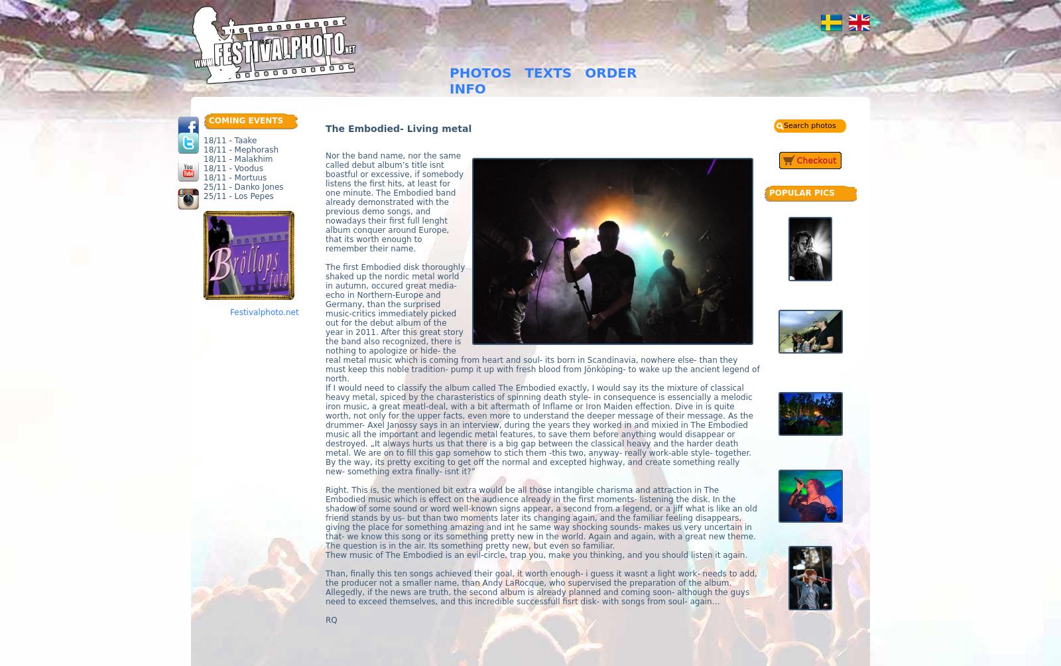 The height and width of the screenshot is (666, 1061). What do you see at coordinates (394, 202) in the screenshot?
I see `'Nor the band name, nor the same called debut album’s title isnt boastful or excessive, if somebody listens the first hits, at least for one minute. The Embodied band already demonstrated with the previous demo songs, and nowadays their first full lenght album conquer around Europe, that its worth enough to remember their name.'` at bounding box center [394, 202].